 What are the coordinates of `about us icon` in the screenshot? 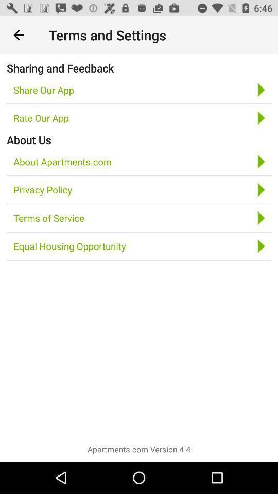 It's located at (29, 139).